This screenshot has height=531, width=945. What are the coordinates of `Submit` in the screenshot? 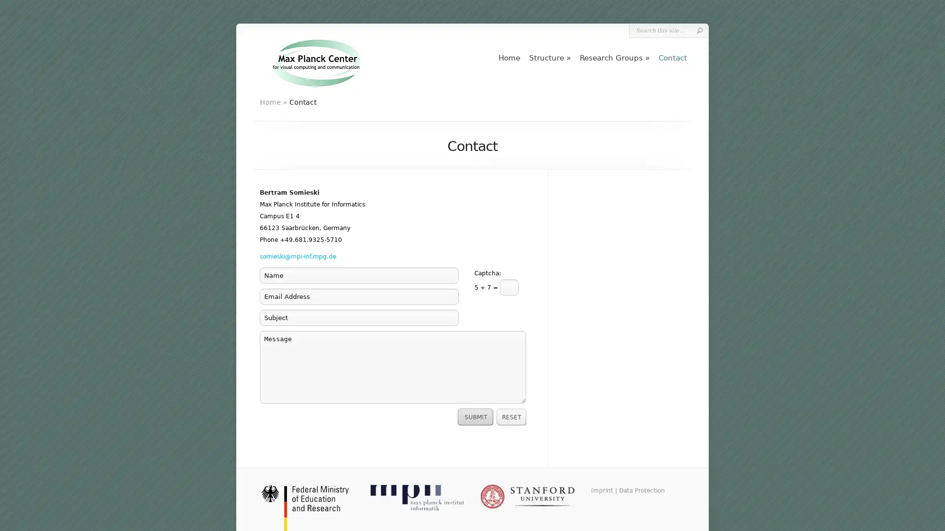 It's located at (475, 417).